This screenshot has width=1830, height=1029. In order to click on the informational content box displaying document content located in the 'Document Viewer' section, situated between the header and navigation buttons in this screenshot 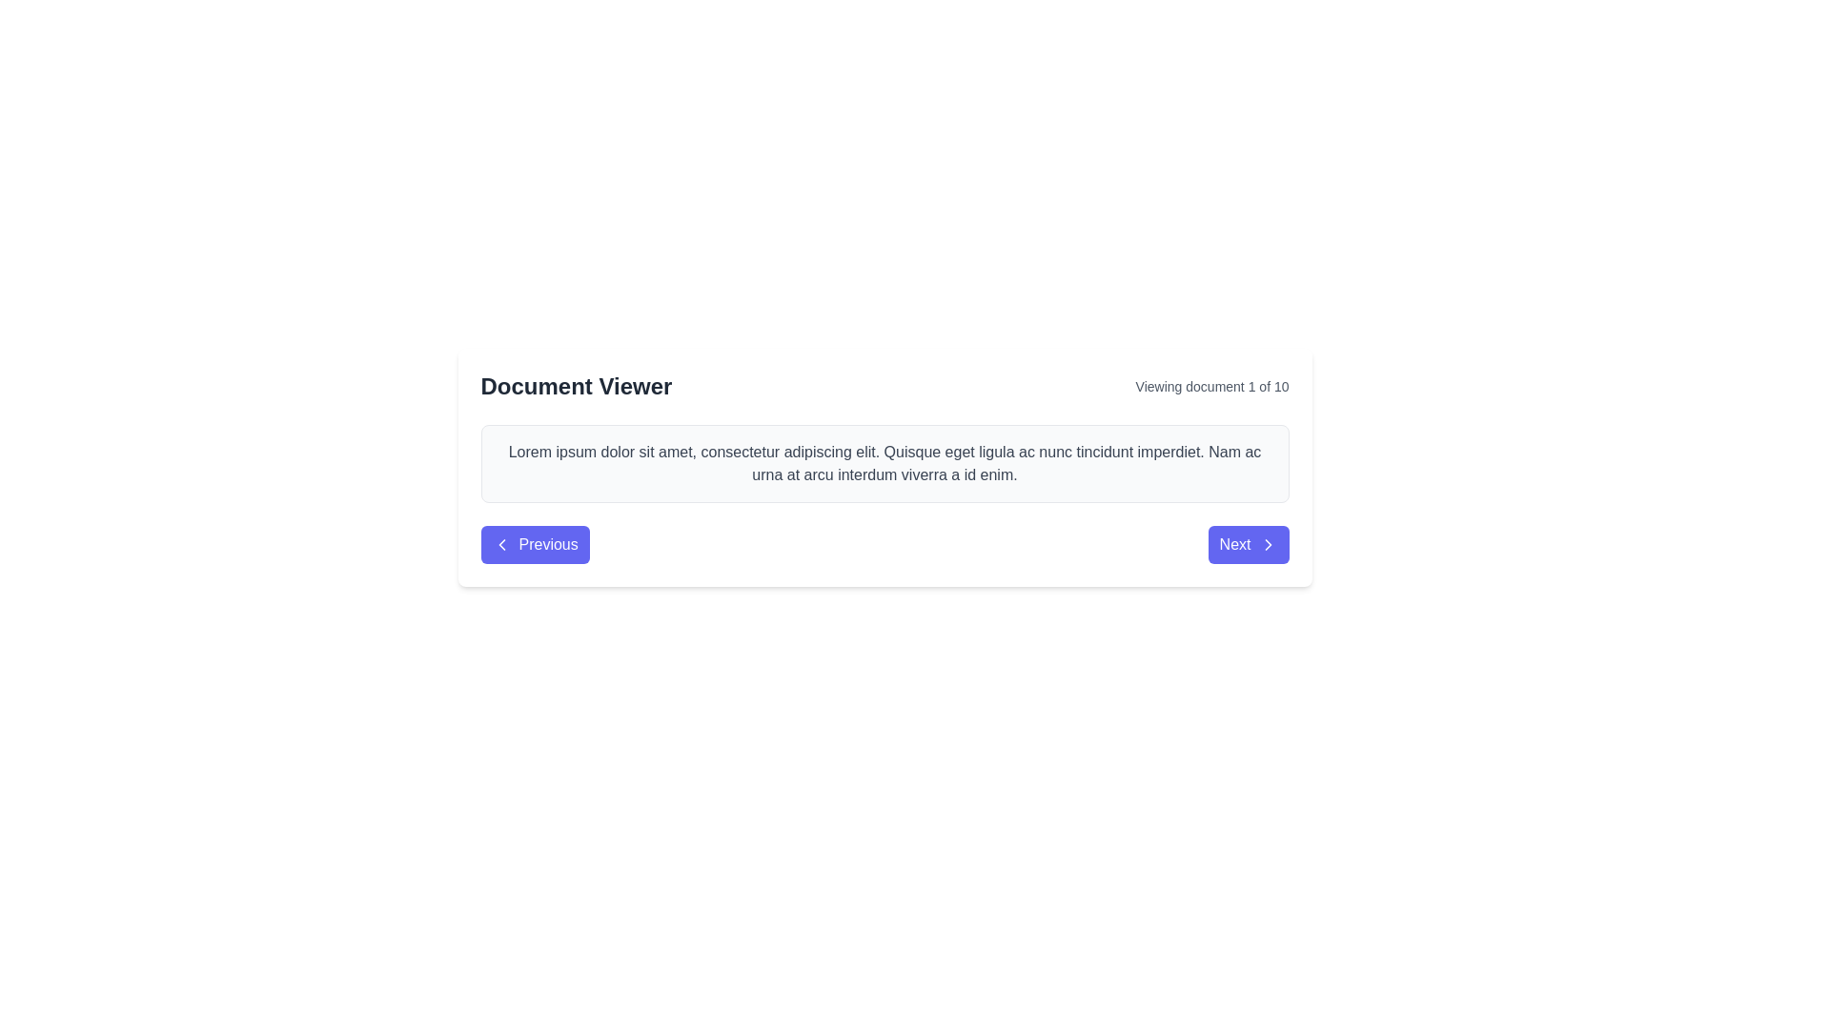, I will do `click(884, 463)`.